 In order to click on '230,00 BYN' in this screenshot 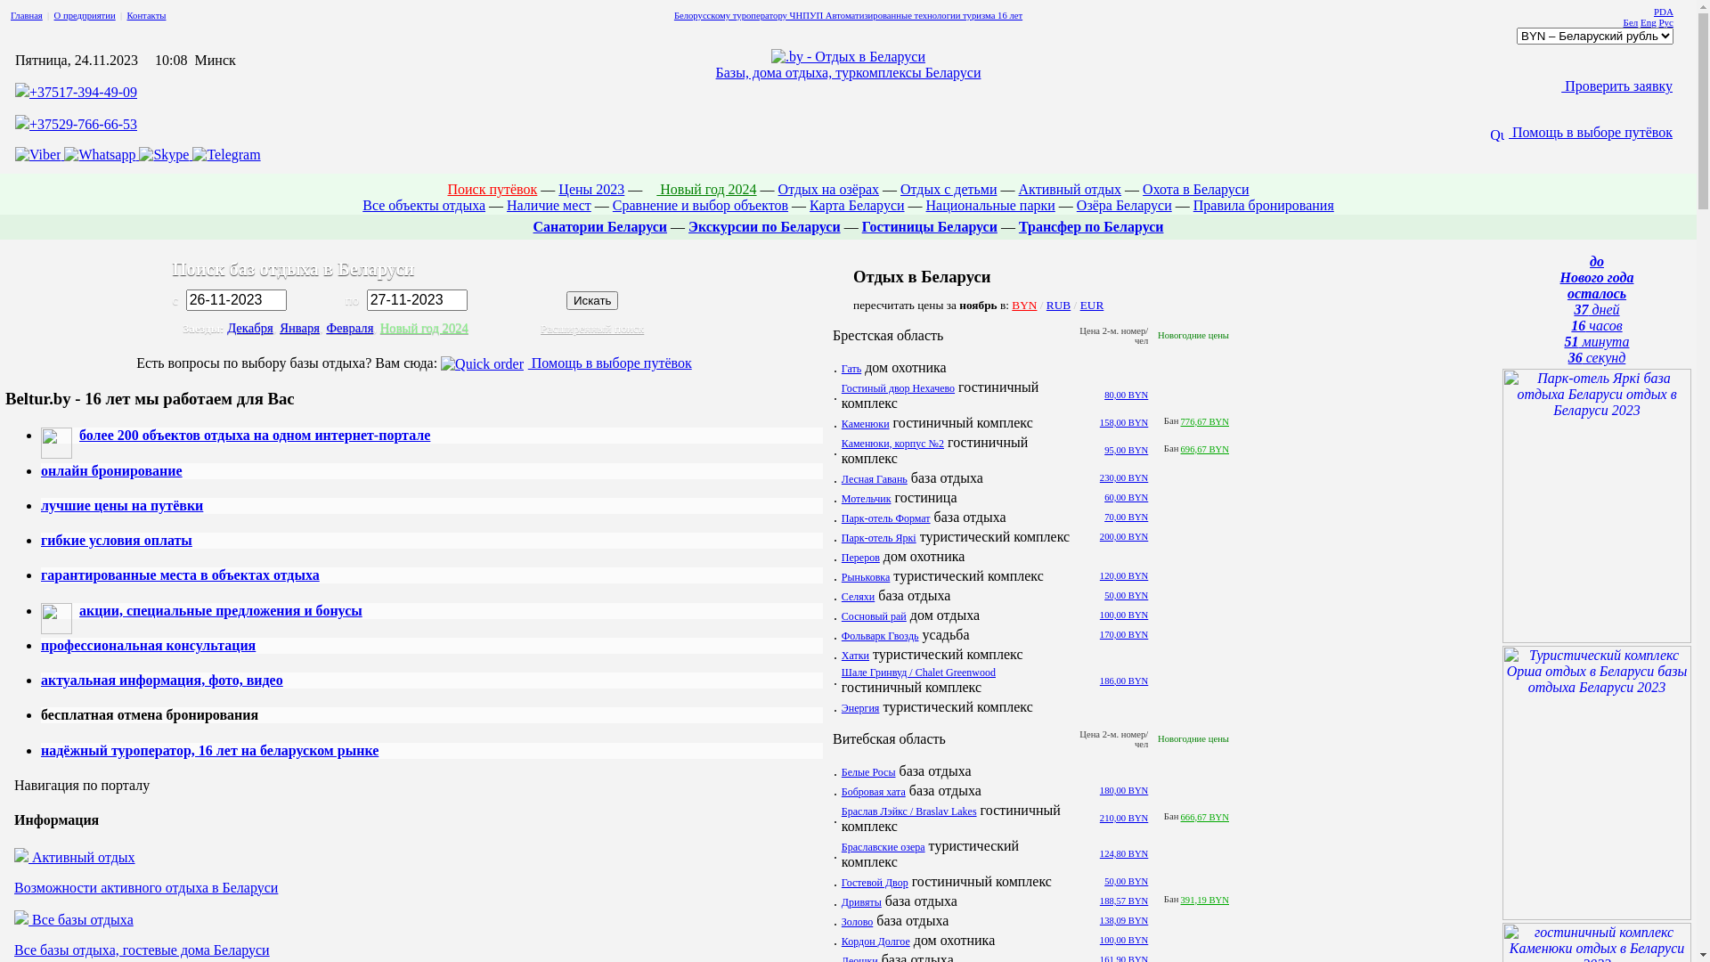, I will do `click(1123, 477)`.